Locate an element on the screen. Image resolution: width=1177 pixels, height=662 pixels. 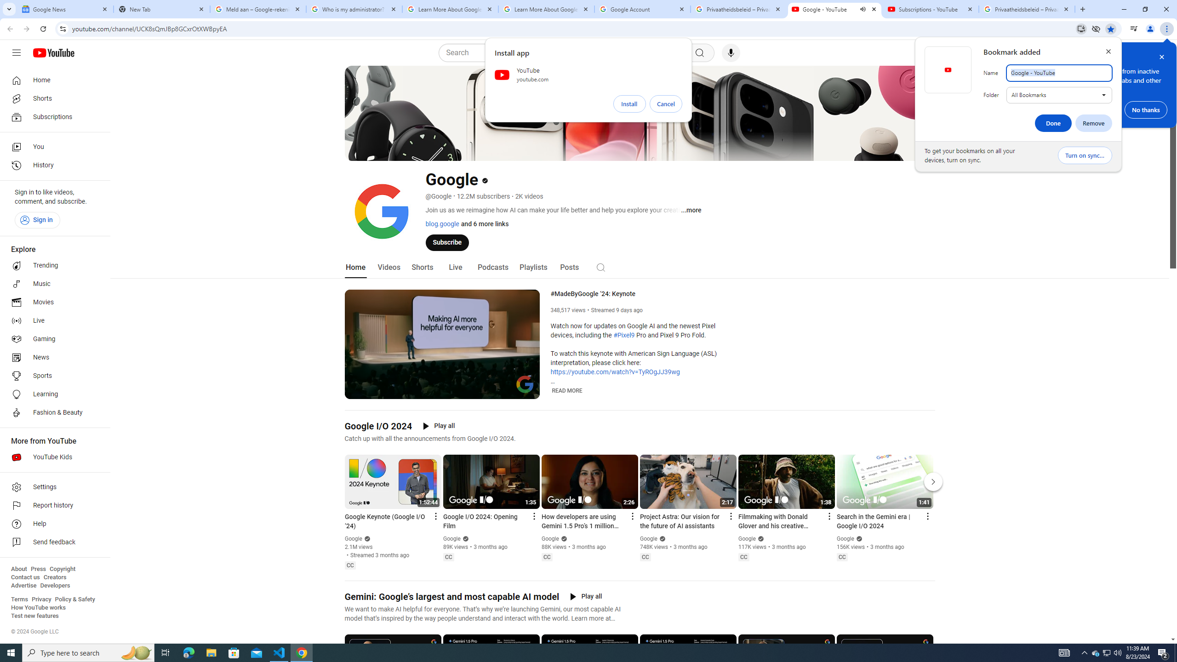
'Copyright' is located at coordinates (62, 569).